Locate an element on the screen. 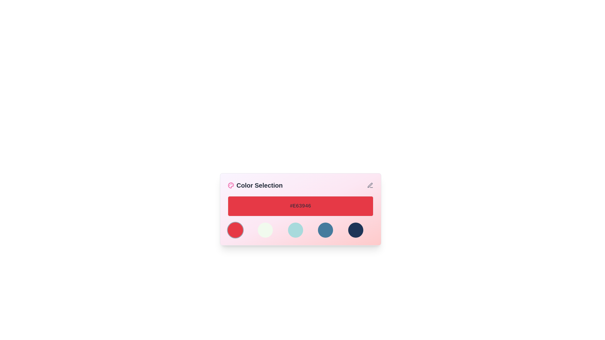 The height and width of the screenshot is (340, 605). the small, curved pen-like icon located in the top-right corner of the Color Selection panel, adjacent to the 'Color Selection' label is located at coordinates (370, 185).